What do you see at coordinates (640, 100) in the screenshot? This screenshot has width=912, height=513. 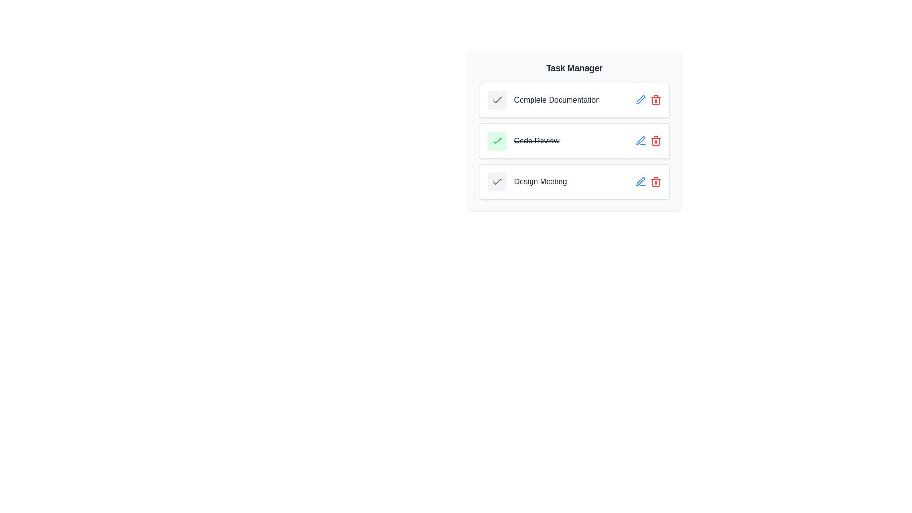 I see `the blue pen icon button to initiate edit mode, located to the right of the 'Code Review' line item in the 'Task Manager' card` at bounding box center [640, 100].